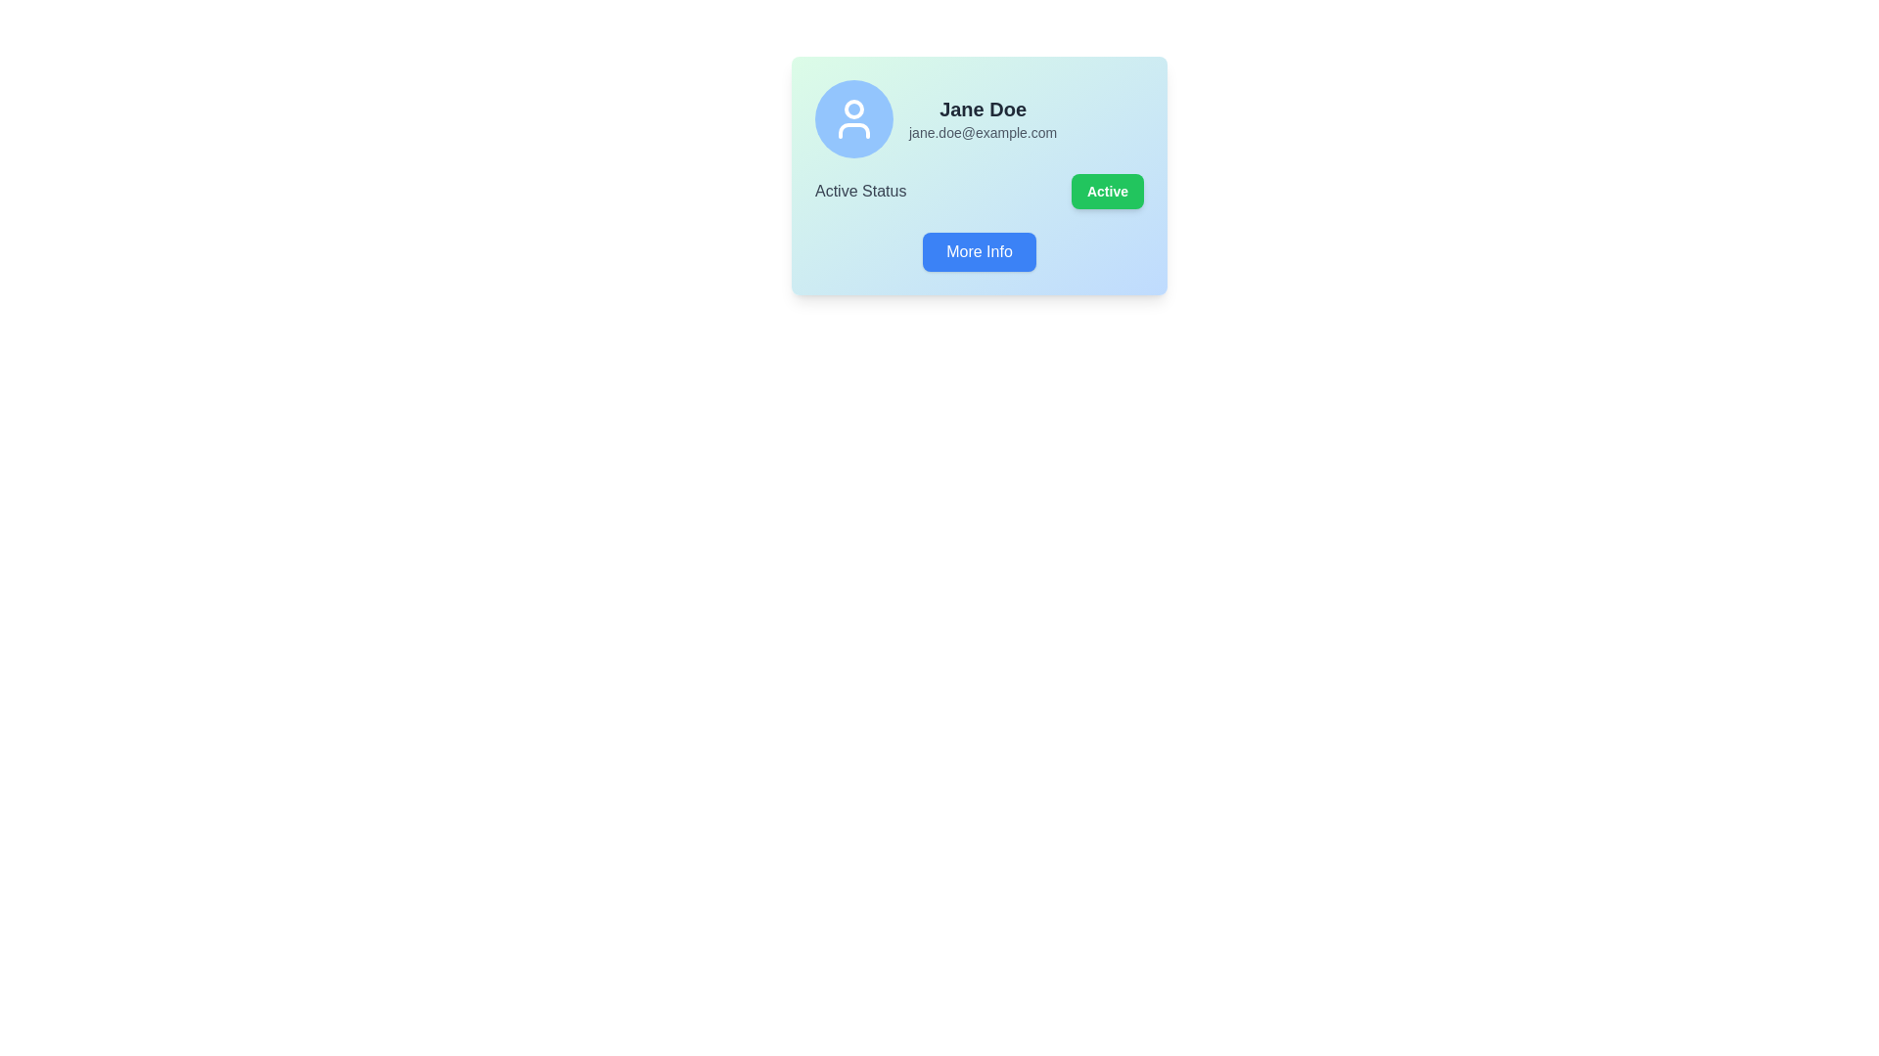  Describe the element at coordinates (860, 192) in the screenshot. I see `label text that describes the purpose of the adjacent 'Active' button, located in the upper half of the visible card layout` at that location.